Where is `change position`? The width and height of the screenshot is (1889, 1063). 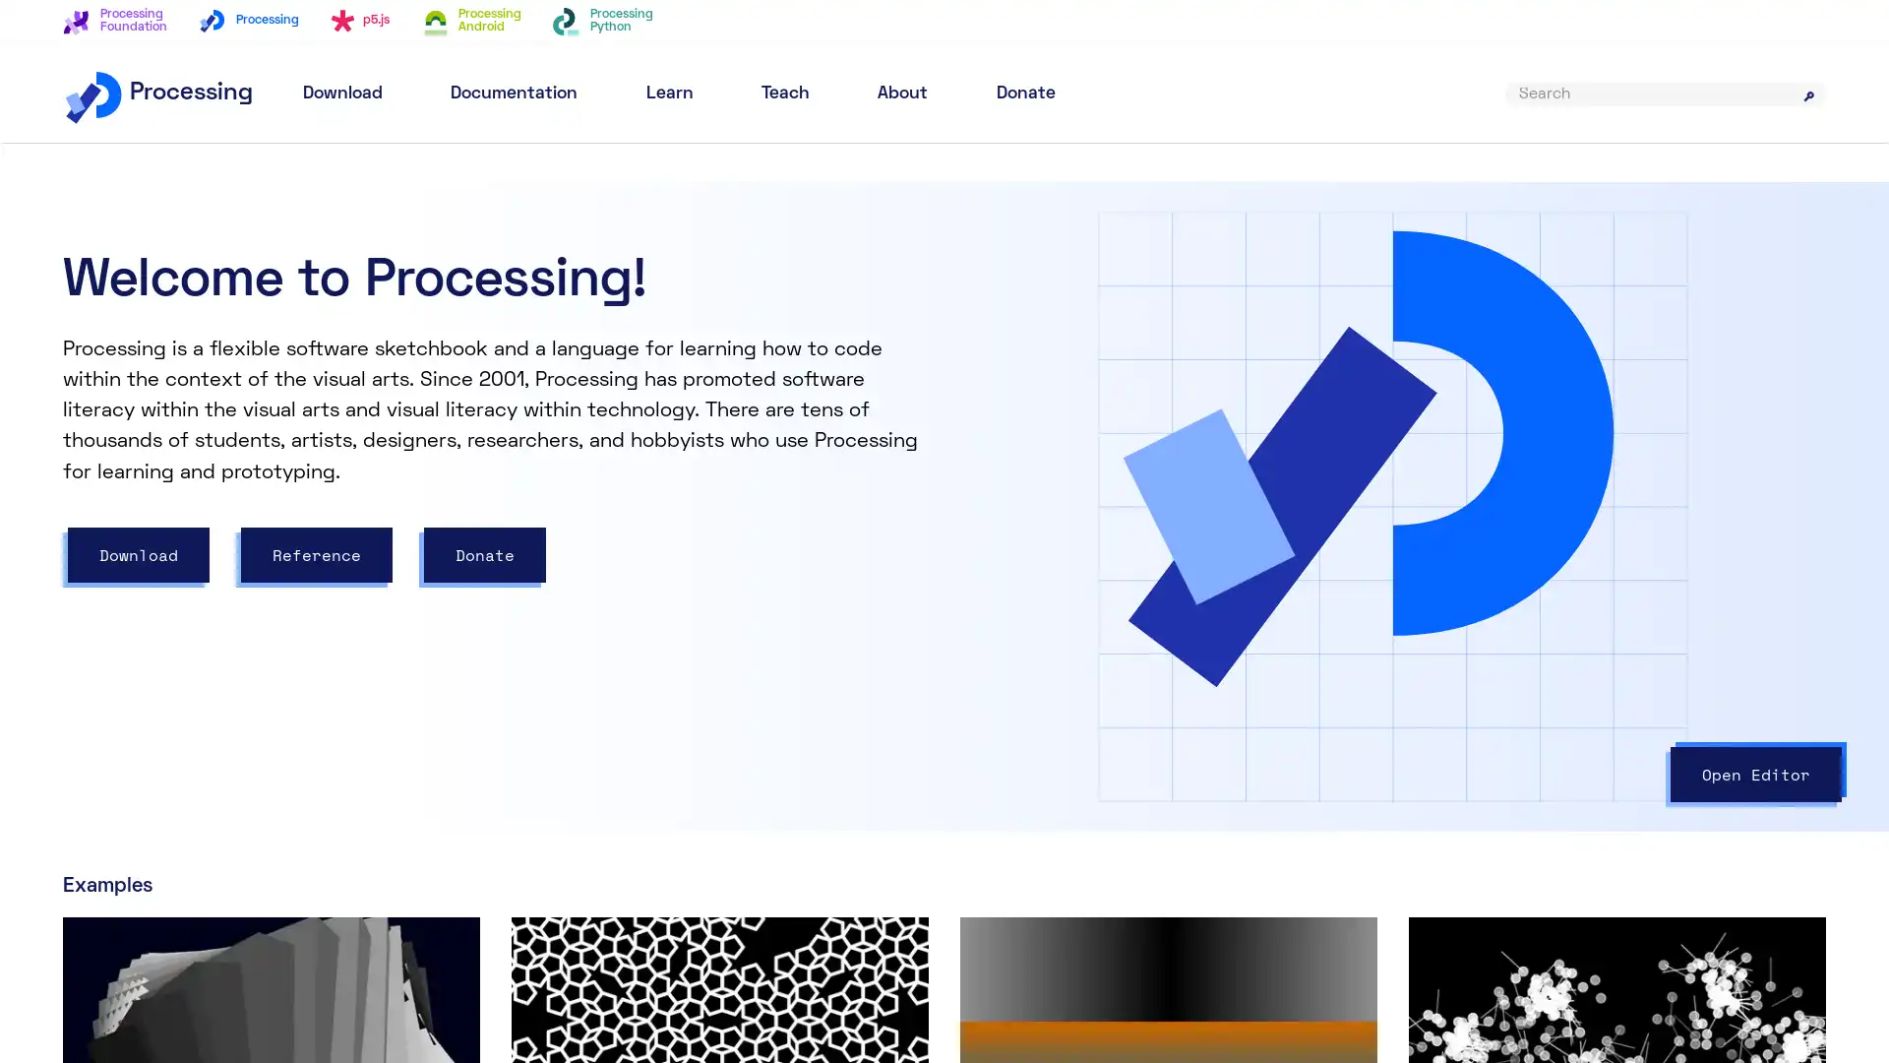
change position is located at coordinates (1235, 674).